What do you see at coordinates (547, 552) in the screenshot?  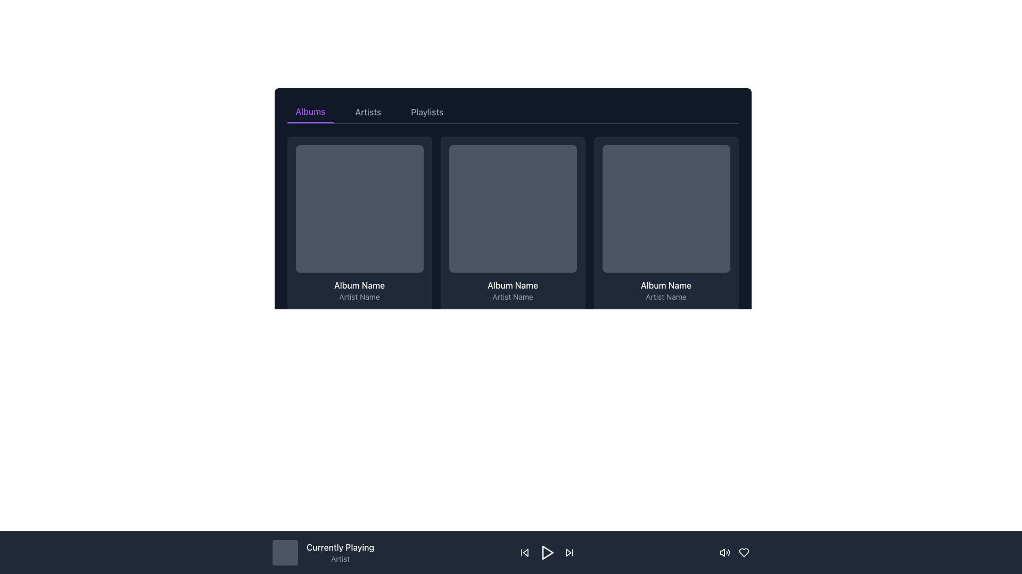 I see `the 'Play' button, represented by a triangle icon pointing` at bounding box center [547, 552].